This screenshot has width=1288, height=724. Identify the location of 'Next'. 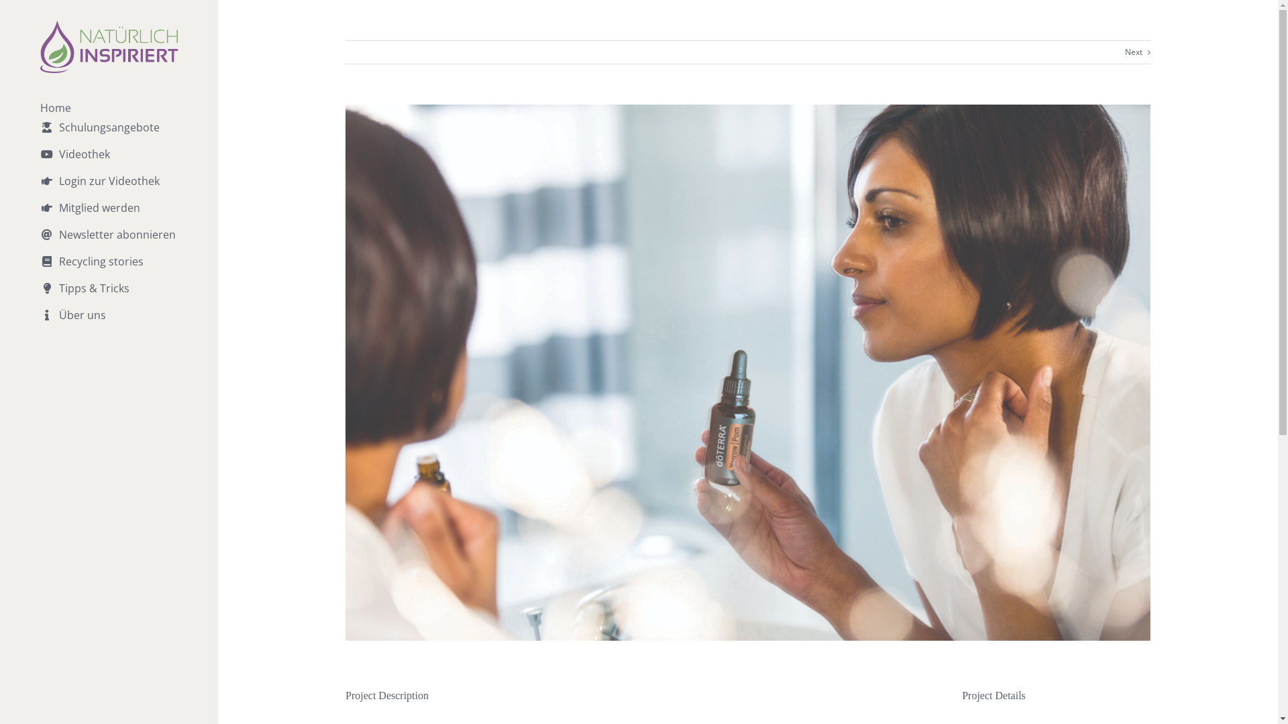
(1132, 51).